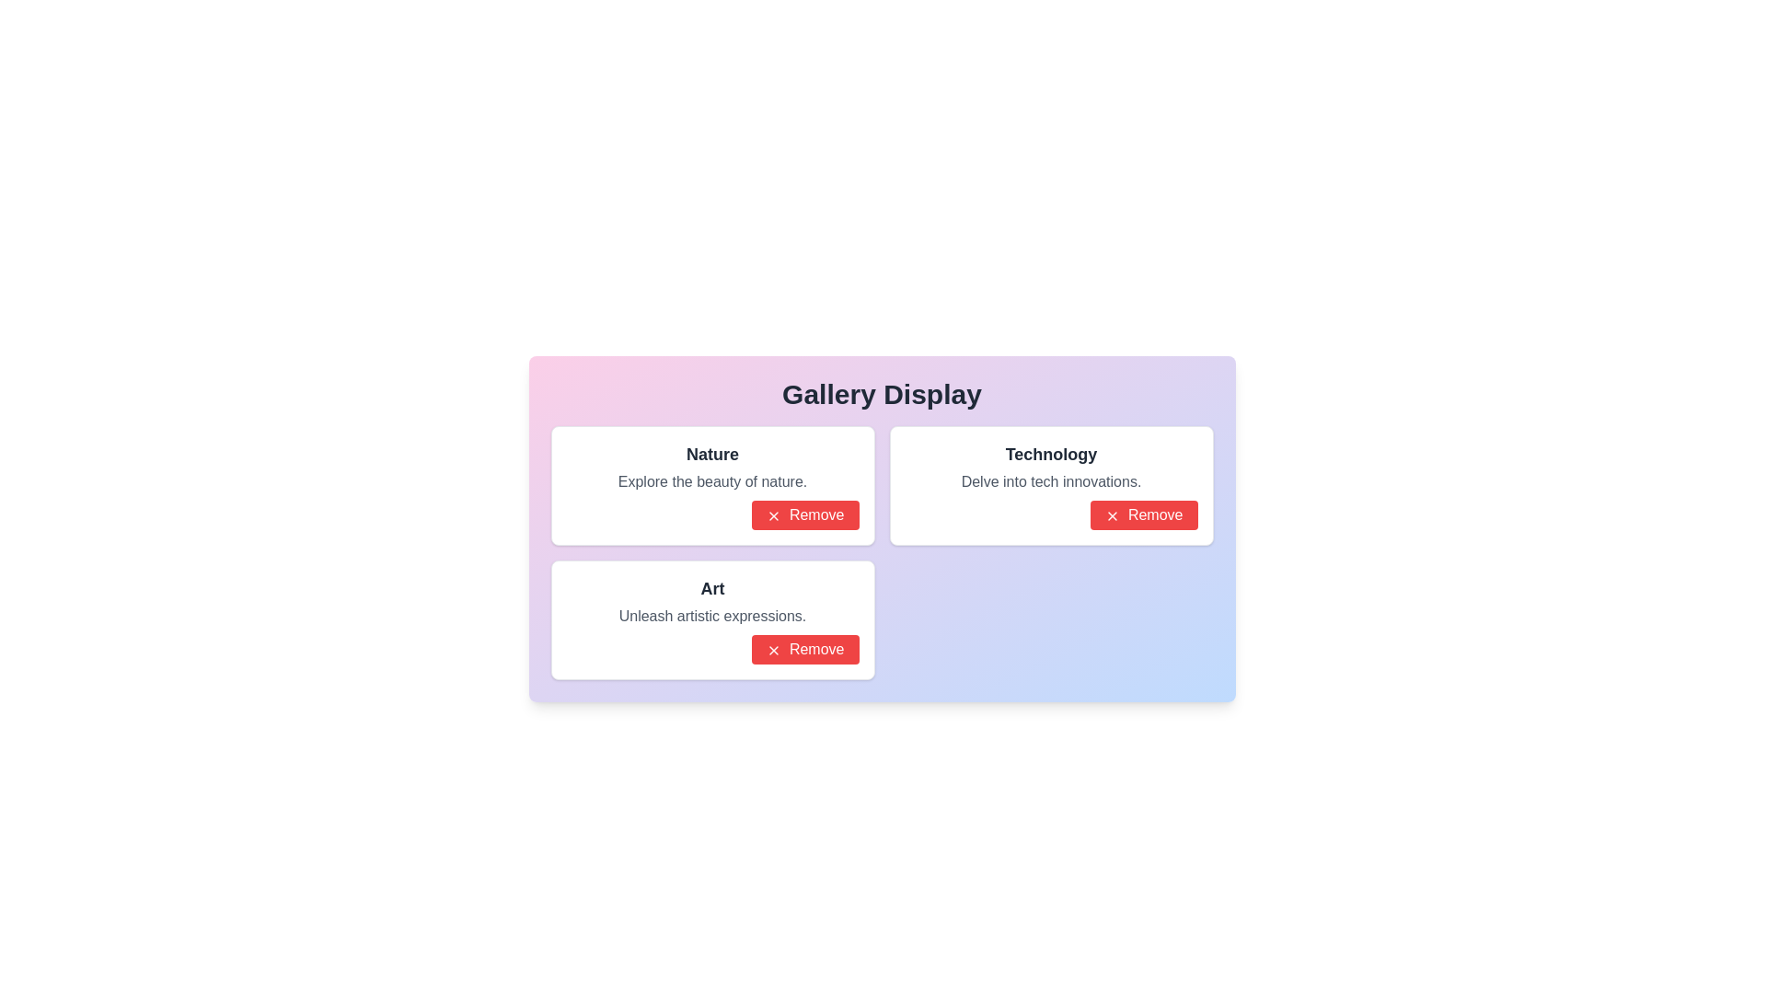 Image resolution: width=1767 pixels, height=994 pixels. I want to click on the item card labeled 'Nature' to highlight it, so click(711, 485).